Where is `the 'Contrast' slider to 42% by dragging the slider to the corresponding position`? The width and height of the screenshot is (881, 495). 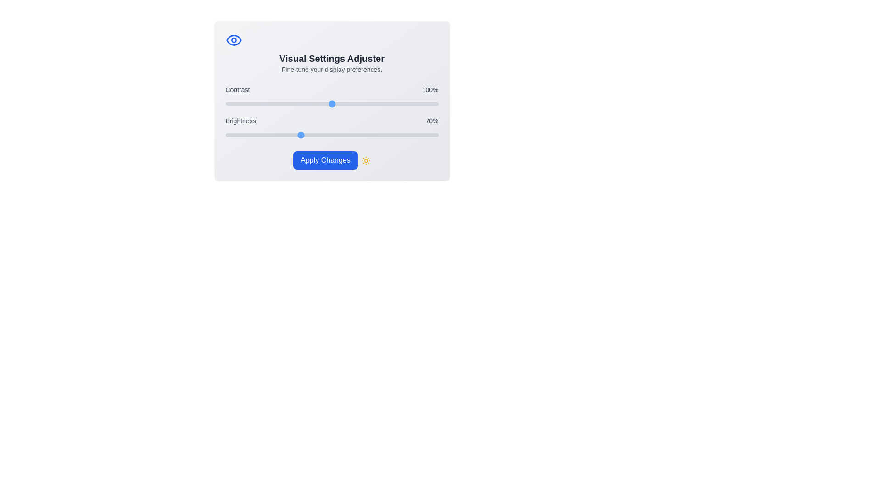 the 'Contrast' slider to 42% by dragging the slider to the corresponding position is located at coordinates (269, 104).